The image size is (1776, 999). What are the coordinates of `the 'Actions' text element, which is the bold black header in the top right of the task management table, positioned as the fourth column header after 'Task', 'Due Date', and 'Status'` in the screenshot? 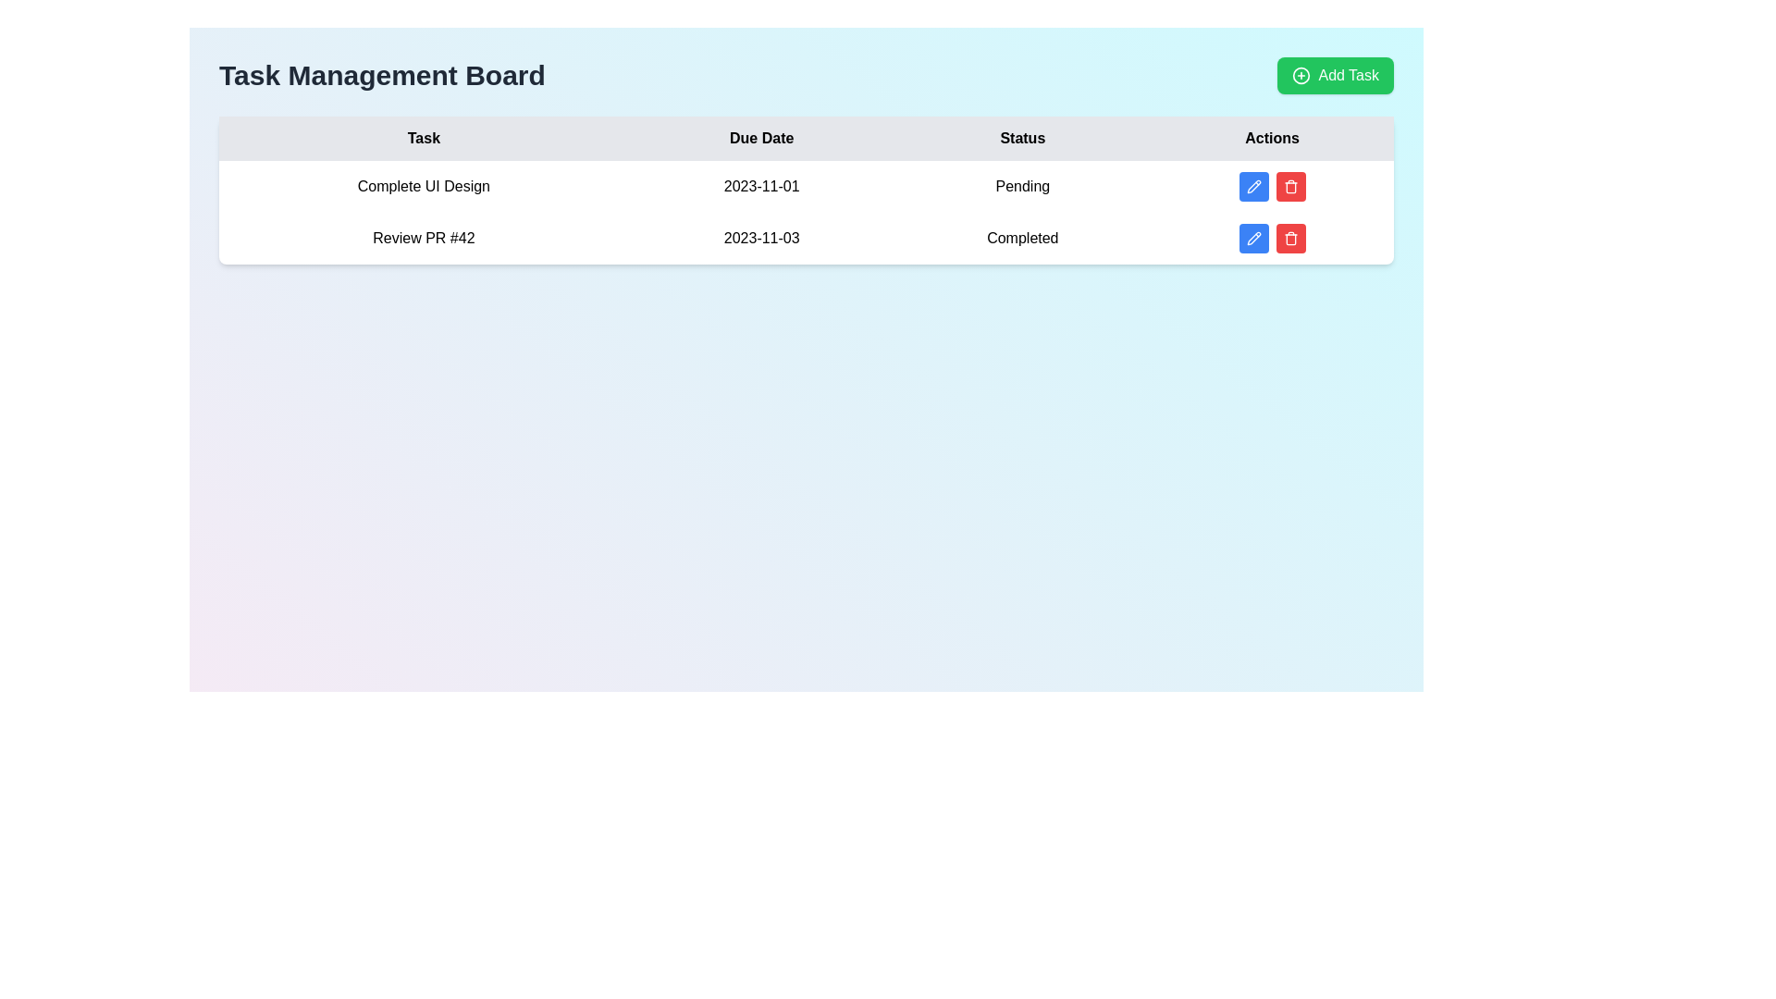 It's located at (1271, 138).